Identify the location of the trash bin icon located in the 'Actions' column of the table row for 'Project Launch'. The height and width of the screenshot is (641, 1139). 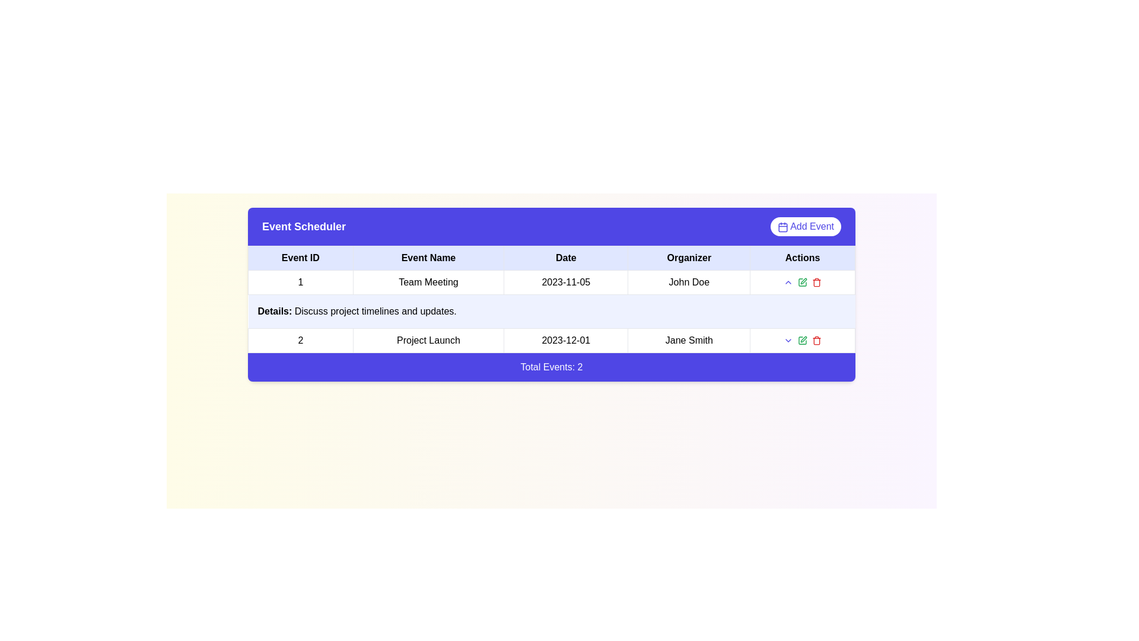
(816, 341).